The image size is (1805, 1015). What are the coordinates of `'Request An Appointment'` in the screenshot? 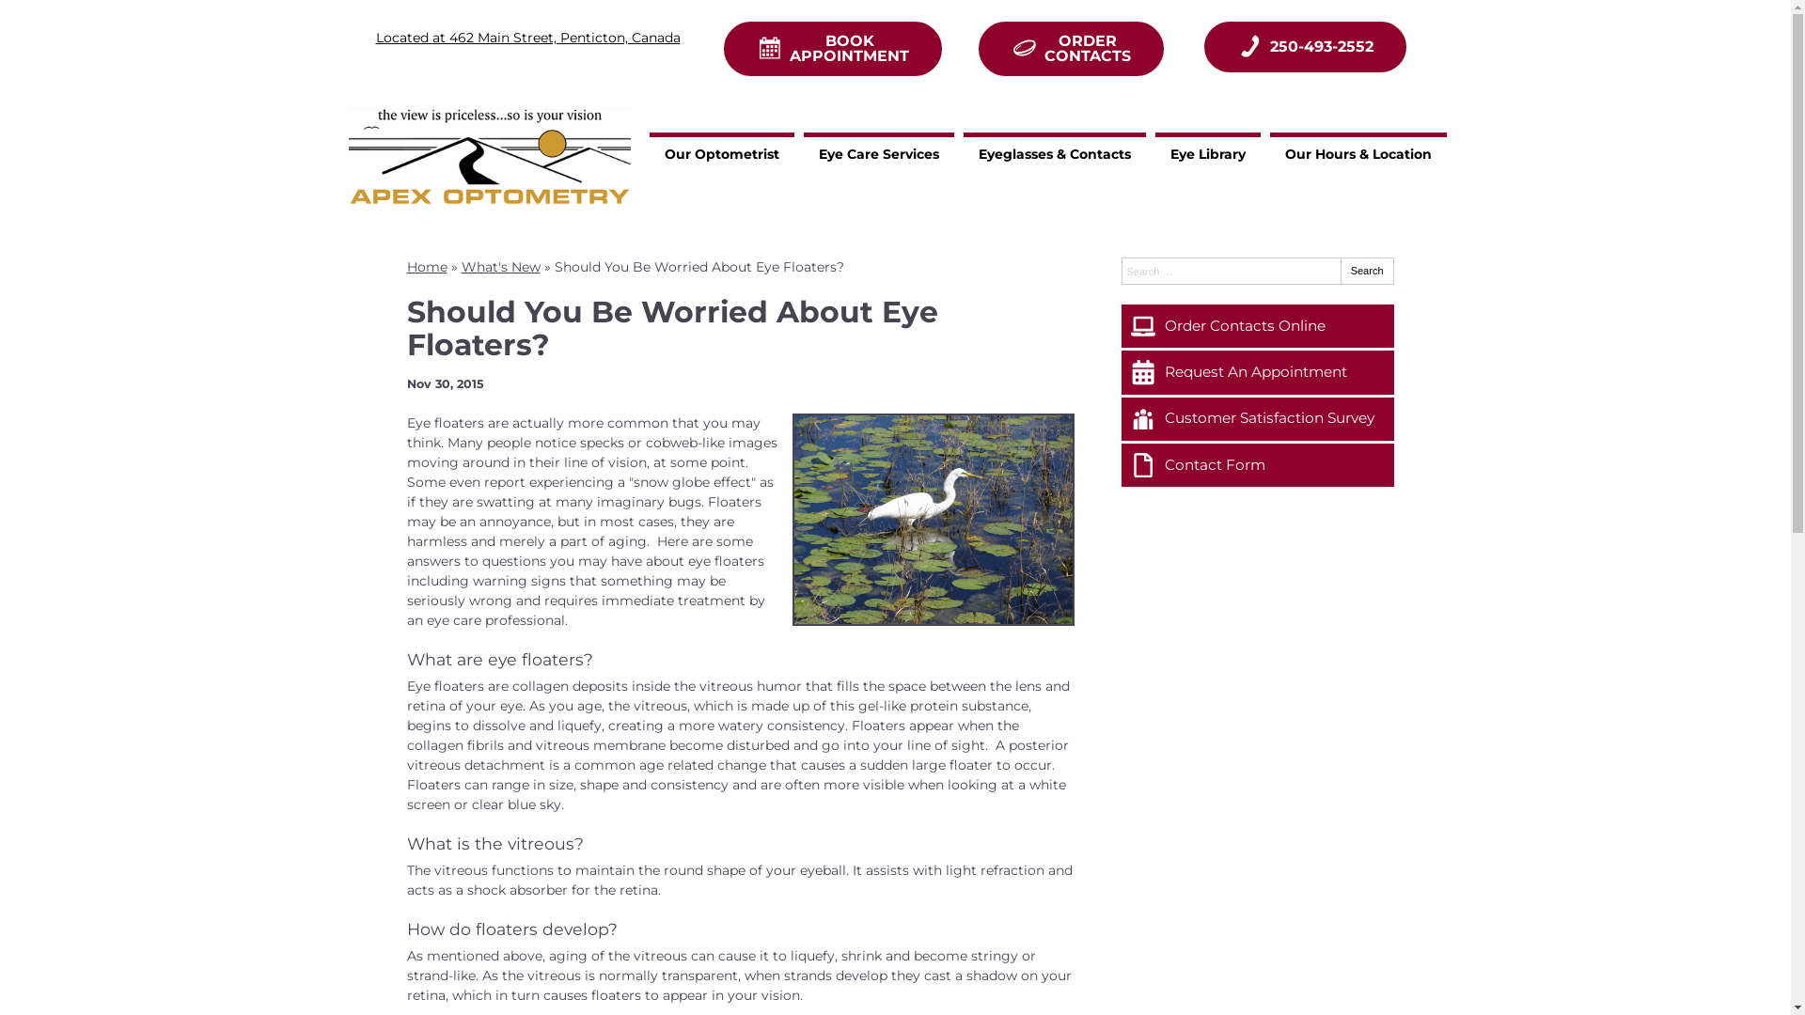 It's located at (1257, 372).